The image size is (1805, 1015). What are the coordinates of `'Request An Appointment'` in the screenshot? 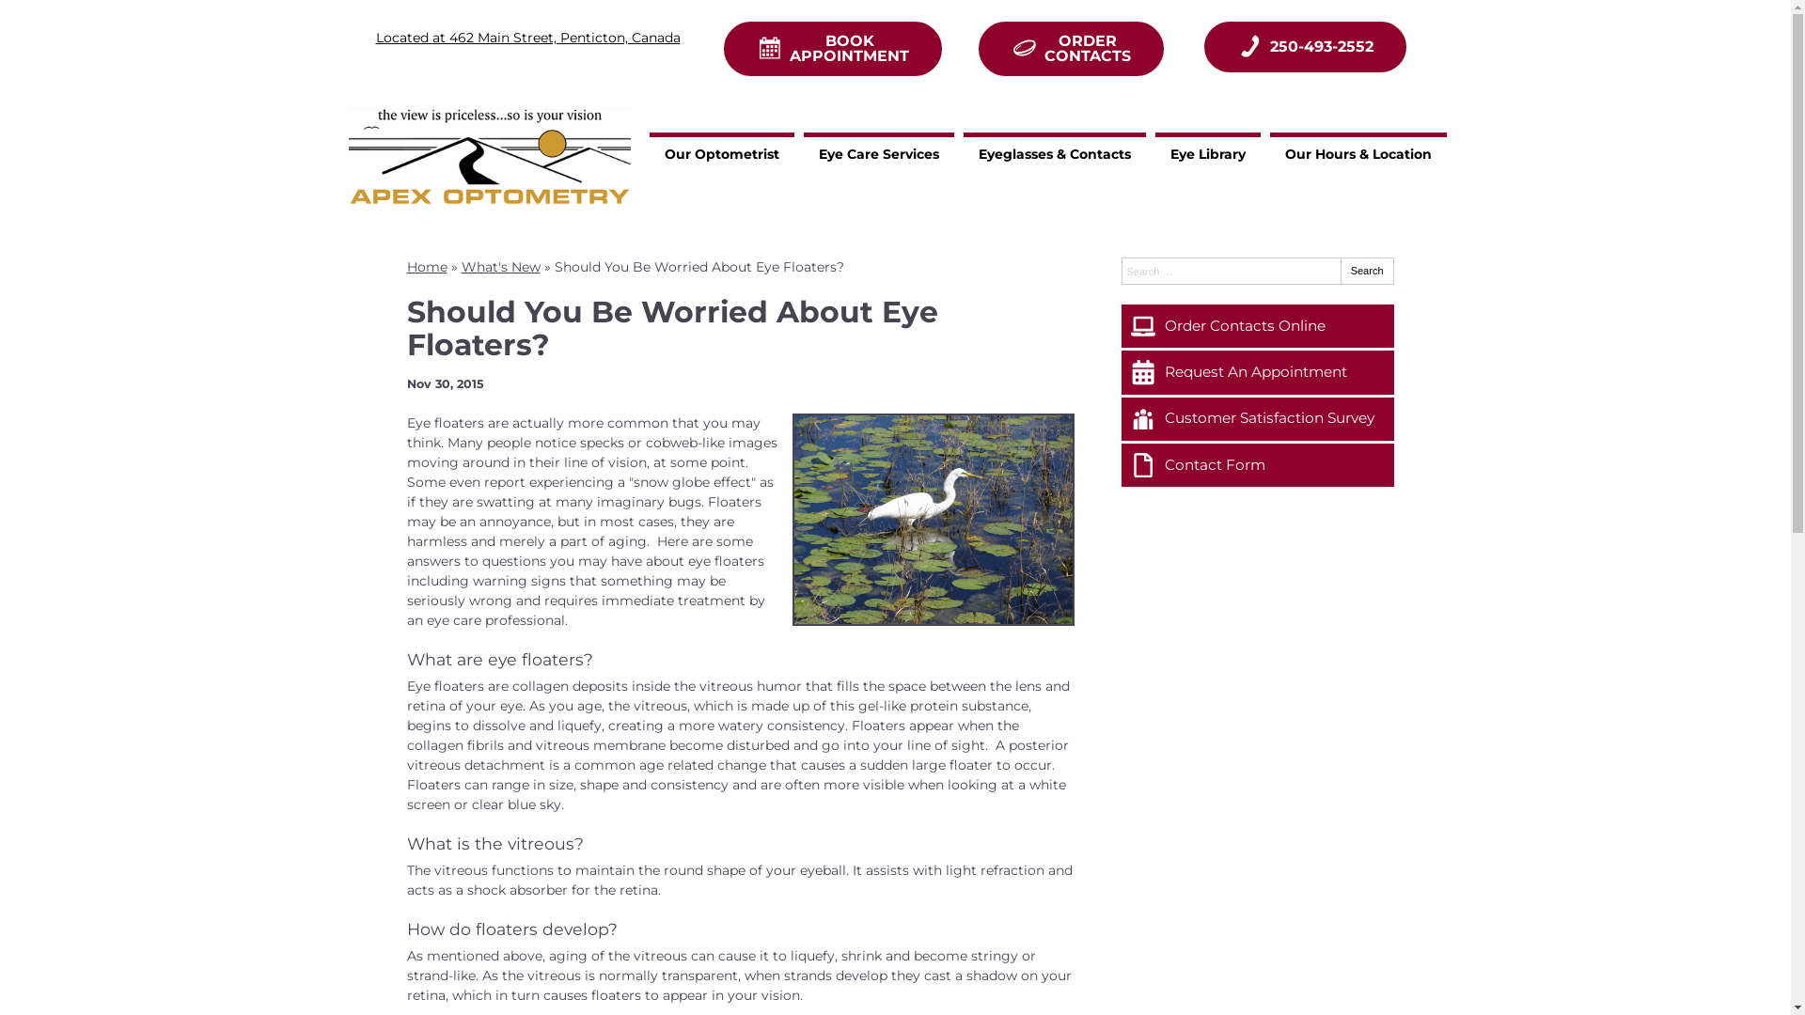 It's located at (1257, 372).